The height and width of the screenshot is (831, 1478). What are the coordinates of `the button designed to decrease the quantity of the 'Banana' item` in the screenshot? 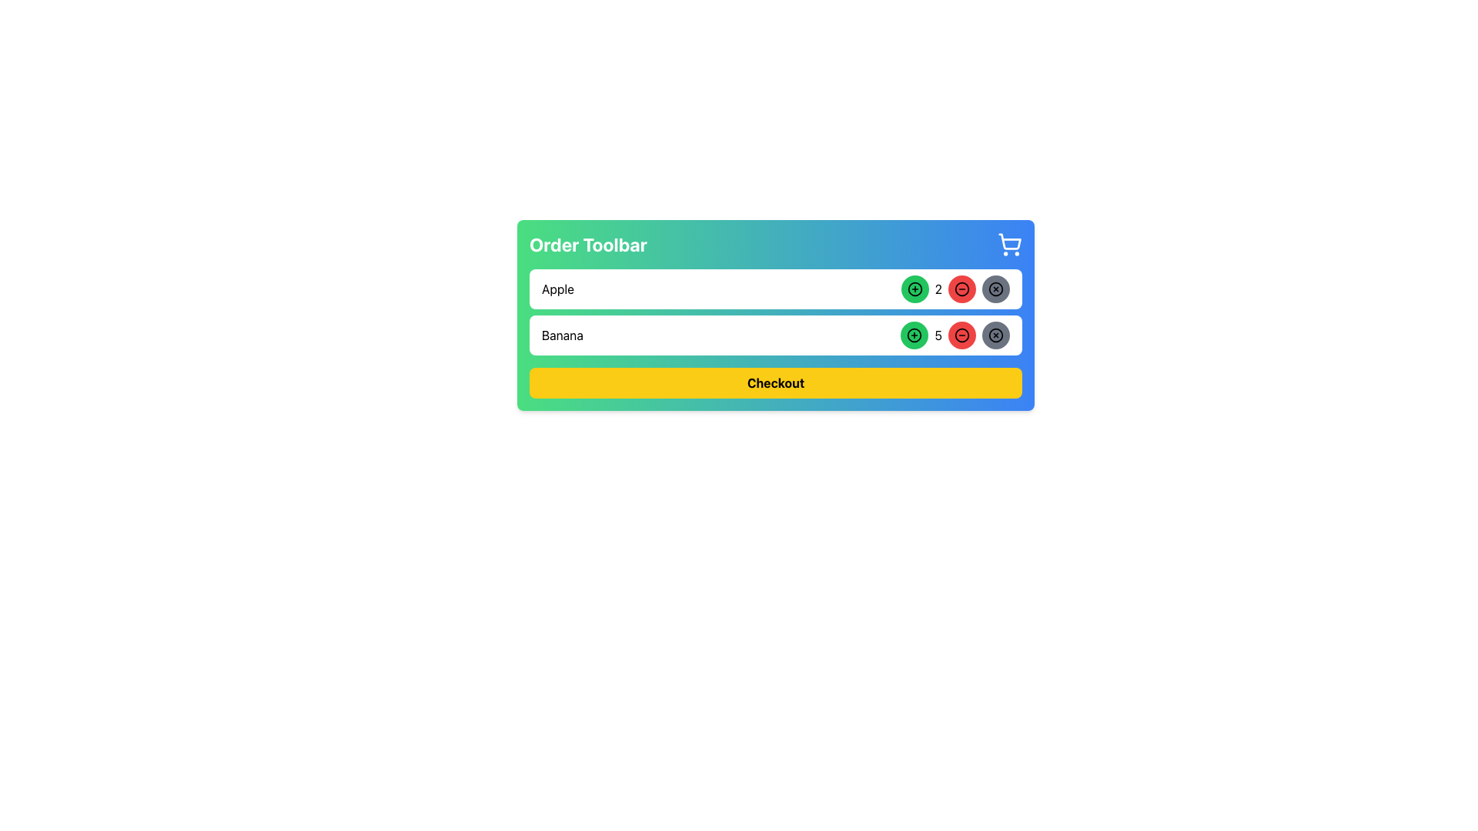 It's located at (961, 289).